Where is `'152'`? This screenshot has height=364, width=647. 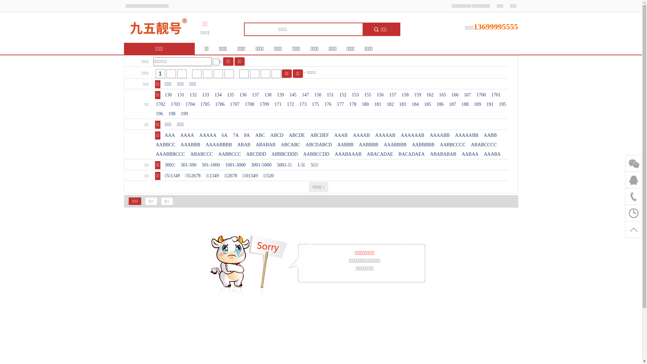
'152' is located at coordinates (343, 95).